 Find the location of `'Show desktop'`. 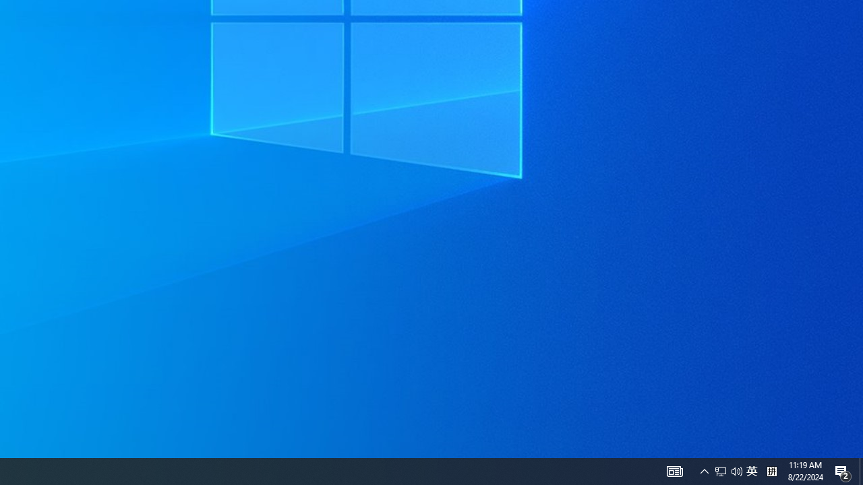

'Show desktop' is located at coordinates (843, 470).